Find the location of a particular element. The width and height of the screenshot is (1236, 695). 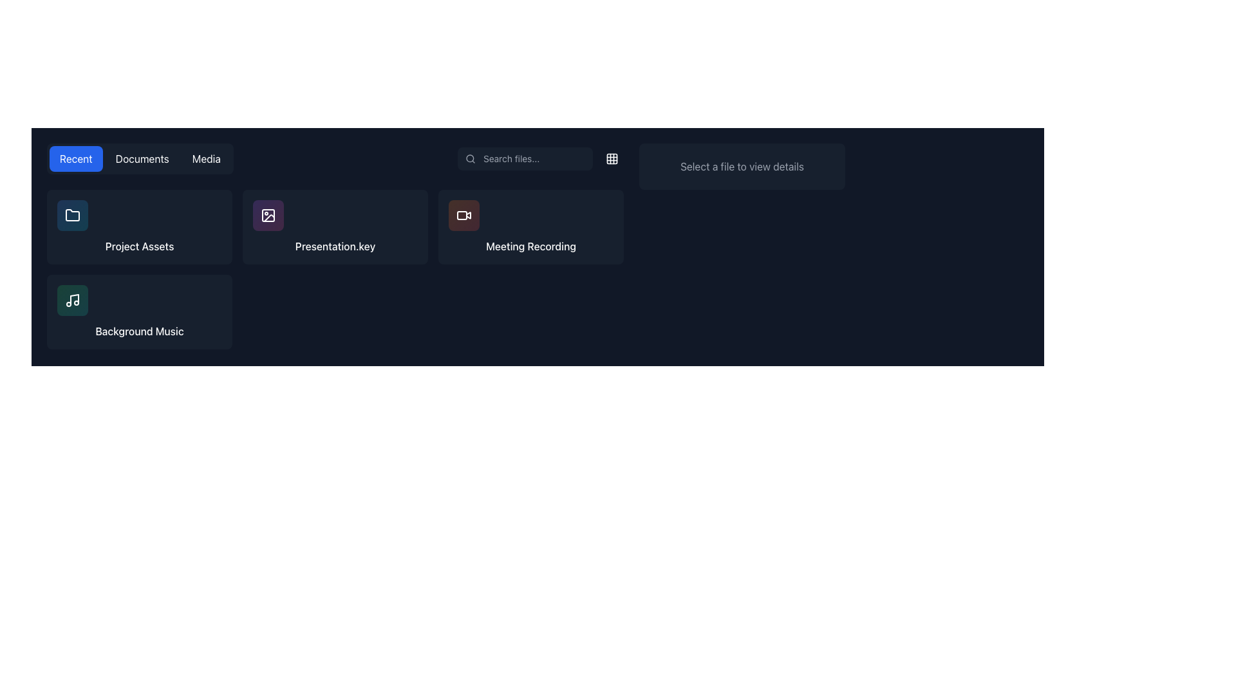

the play button icon located within the 'Meeting Recording' card is located at coordinates (468, 214).